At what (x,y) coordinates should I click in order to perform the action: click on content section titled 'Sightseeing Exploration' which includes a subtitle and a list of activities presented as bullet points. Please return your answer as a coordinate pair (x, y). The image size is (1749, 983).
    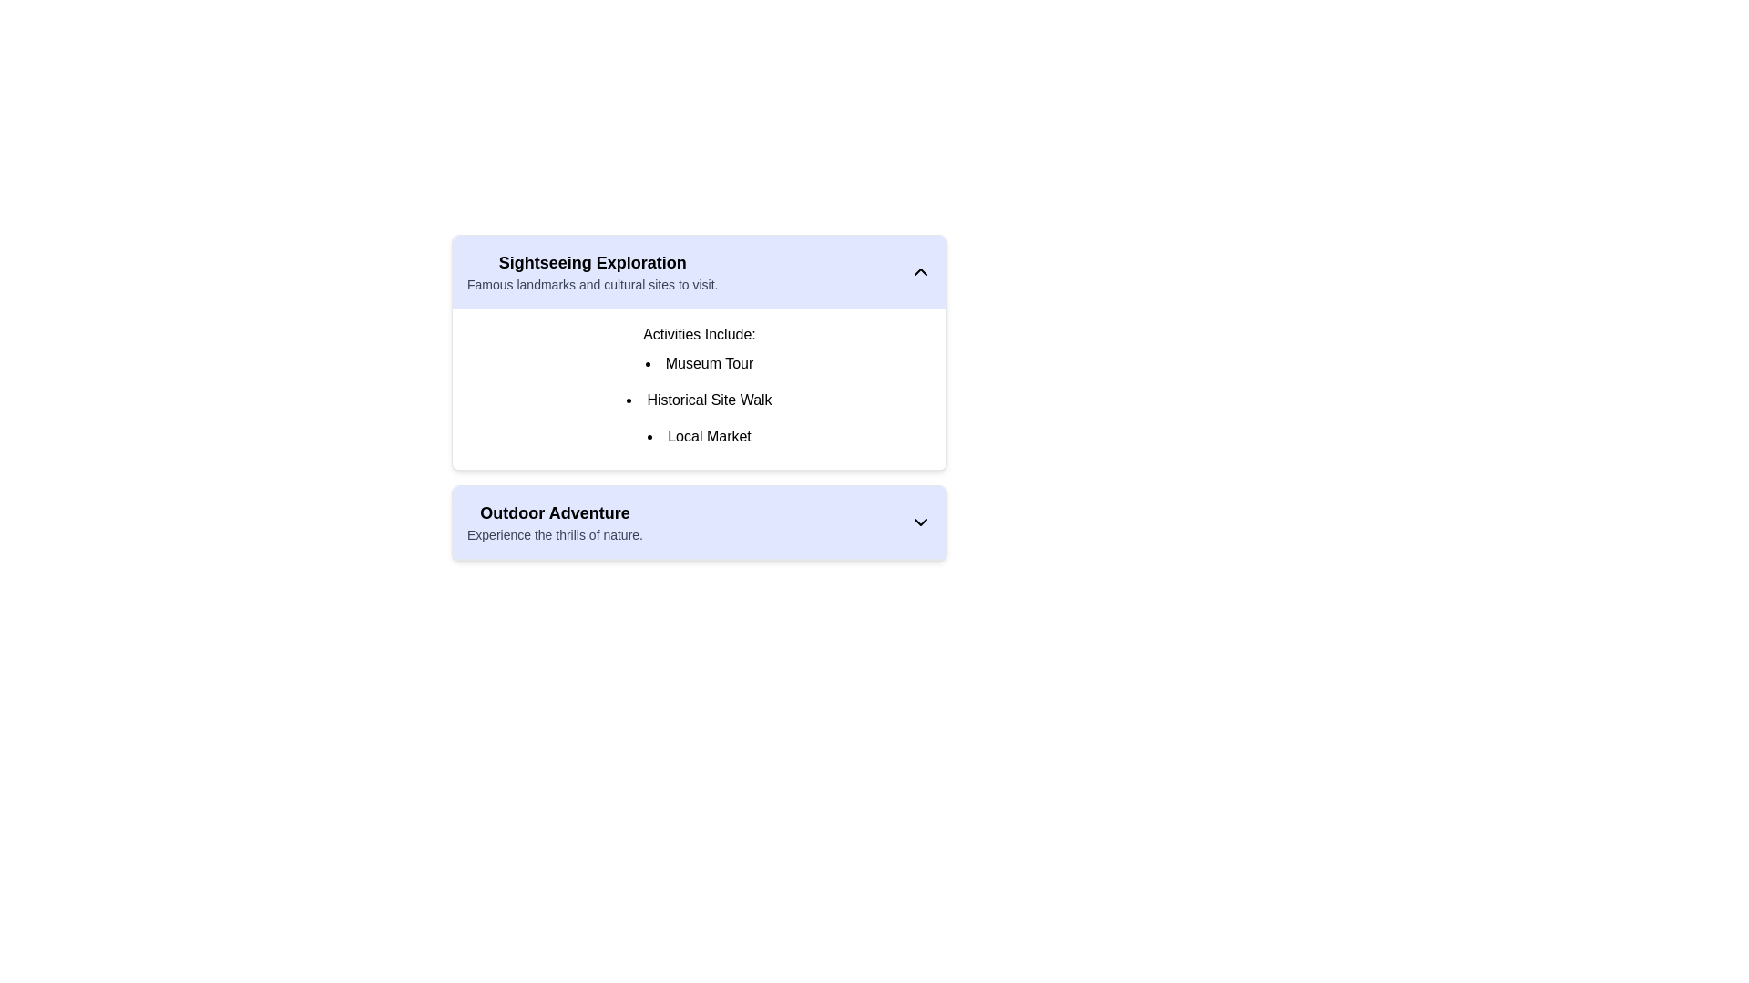
    Looking at the image, I should click on (699, 403).